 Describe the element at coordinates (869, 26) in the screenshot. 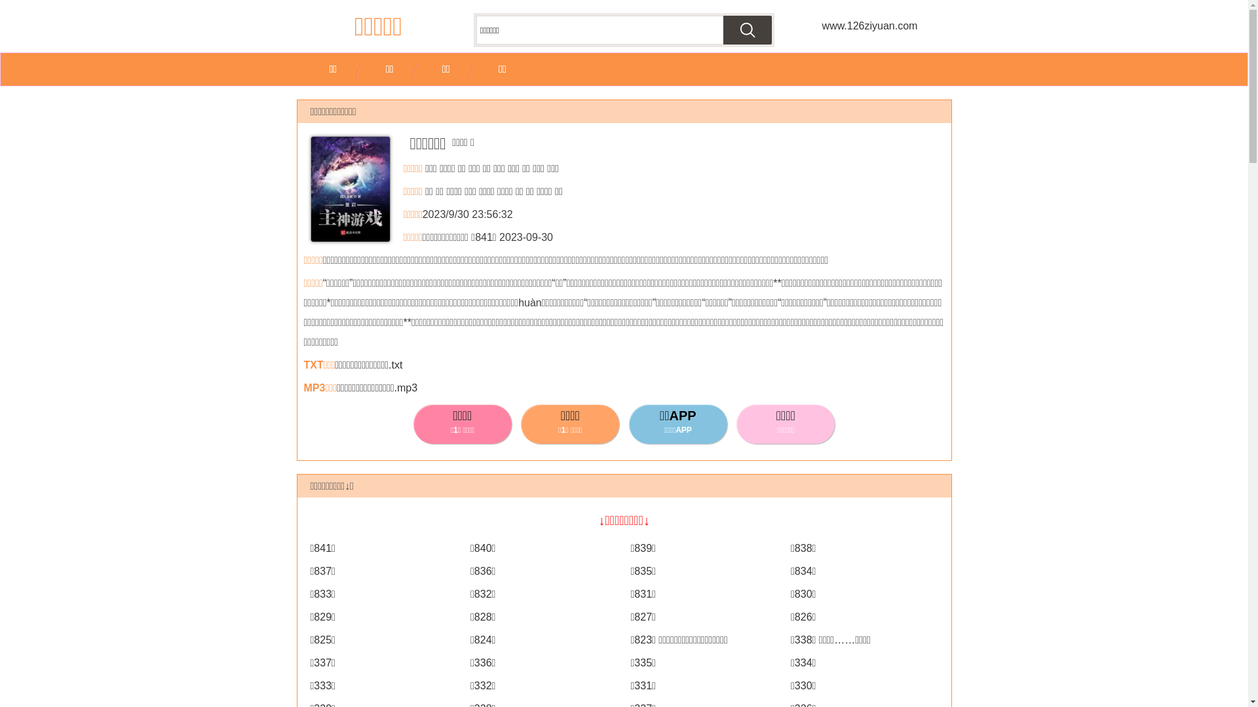

I see `'www.126ziyuan.com'` at that location.